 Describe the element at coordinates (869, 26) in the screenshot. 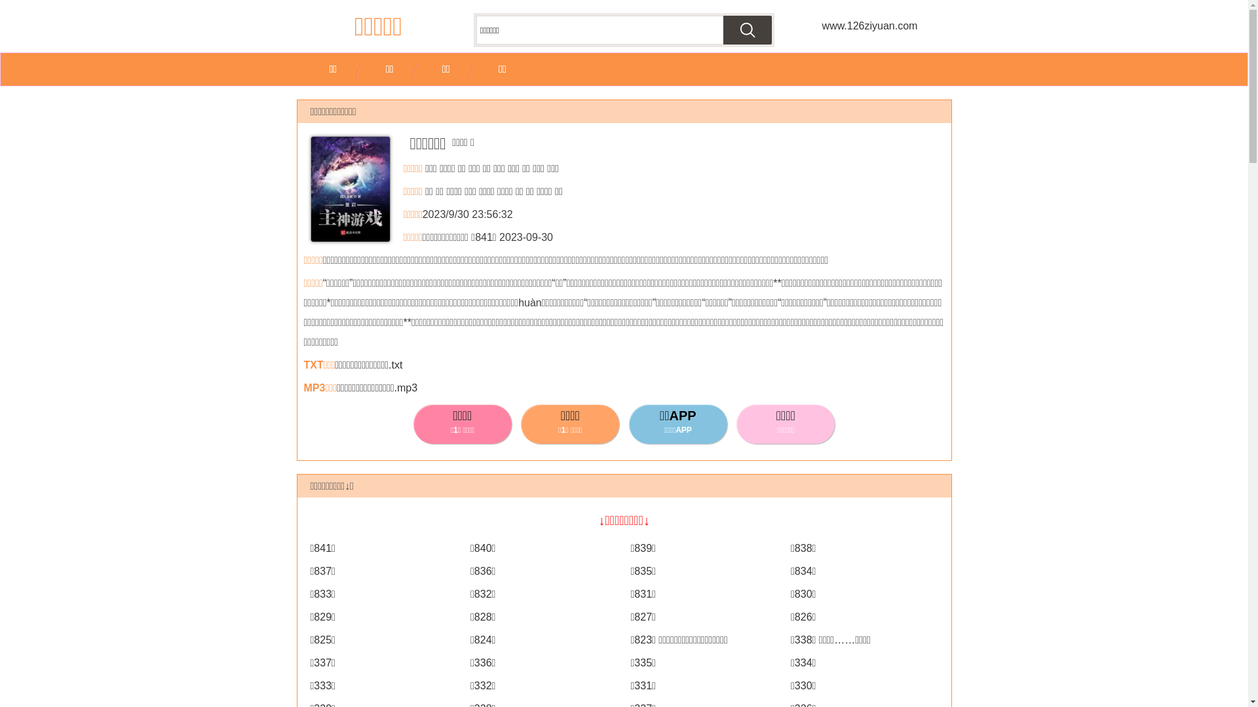

I see `'www.126ziyuan.com'` at that location.